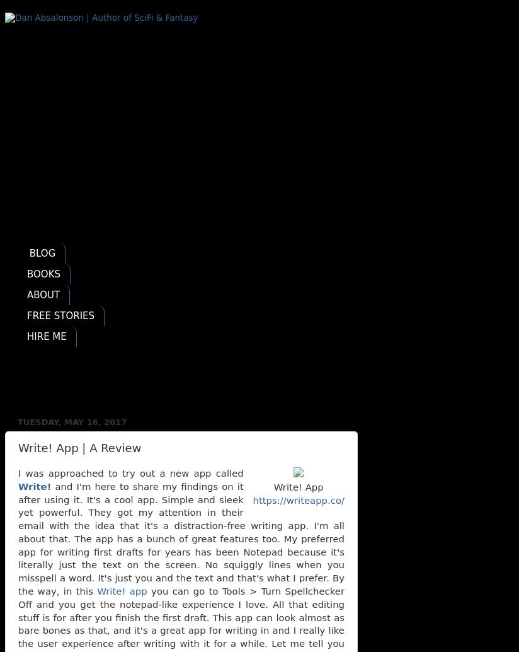 This screenshot has height=652, width=519. I want to click on 'and I'm here to share my findings on it after using it. It's a cool app. Simple and sleek yet powerful. They got my attention in their email with the idea that it's a distraction-free writing app. I'm all about that. The app has a bunch of great features too. My preferred app for writing first drafts for years has been Notepad because it's literally just the text on the screen. No squiggly lines when you misspell a word. It's just you and the text and that's what I prefer. By the way, in this', so click(180, 538).